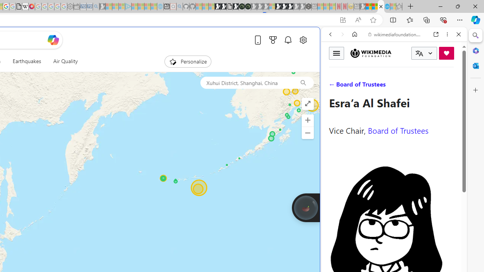 This screenshot has height=272, width=484. Describe the element at coordinates (335, 253) in the screenshot. I see `'Global web icon'` at that location.